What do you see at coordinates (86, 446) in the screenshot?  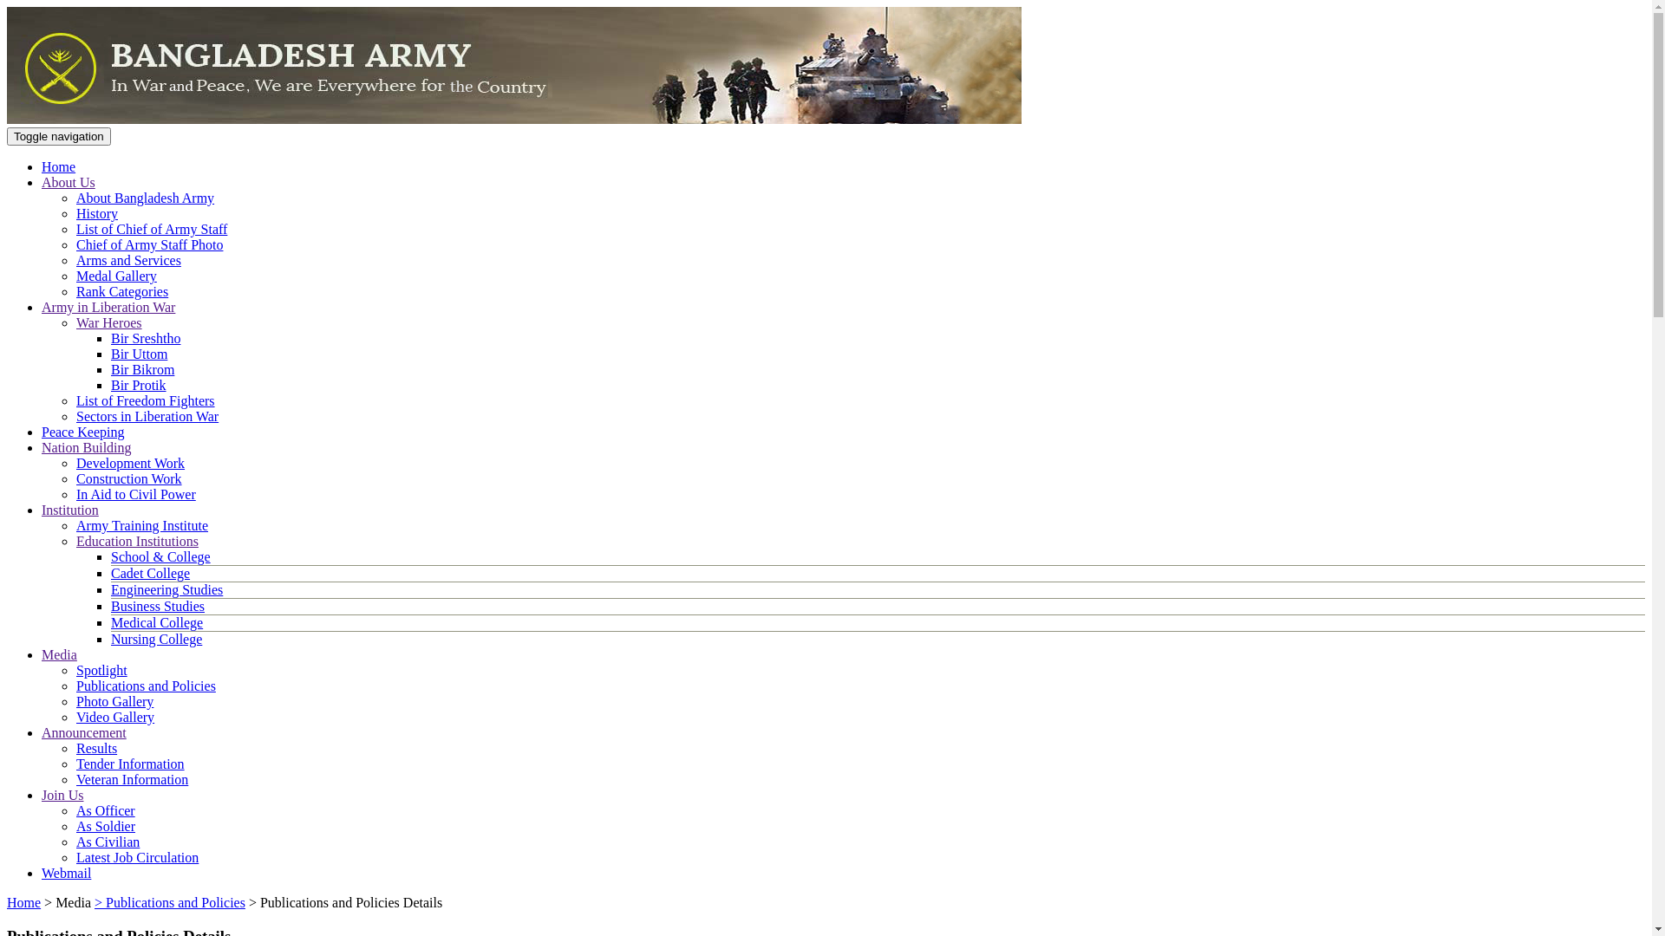 I see `'Nation Building'` at bounding box center [86, 446].